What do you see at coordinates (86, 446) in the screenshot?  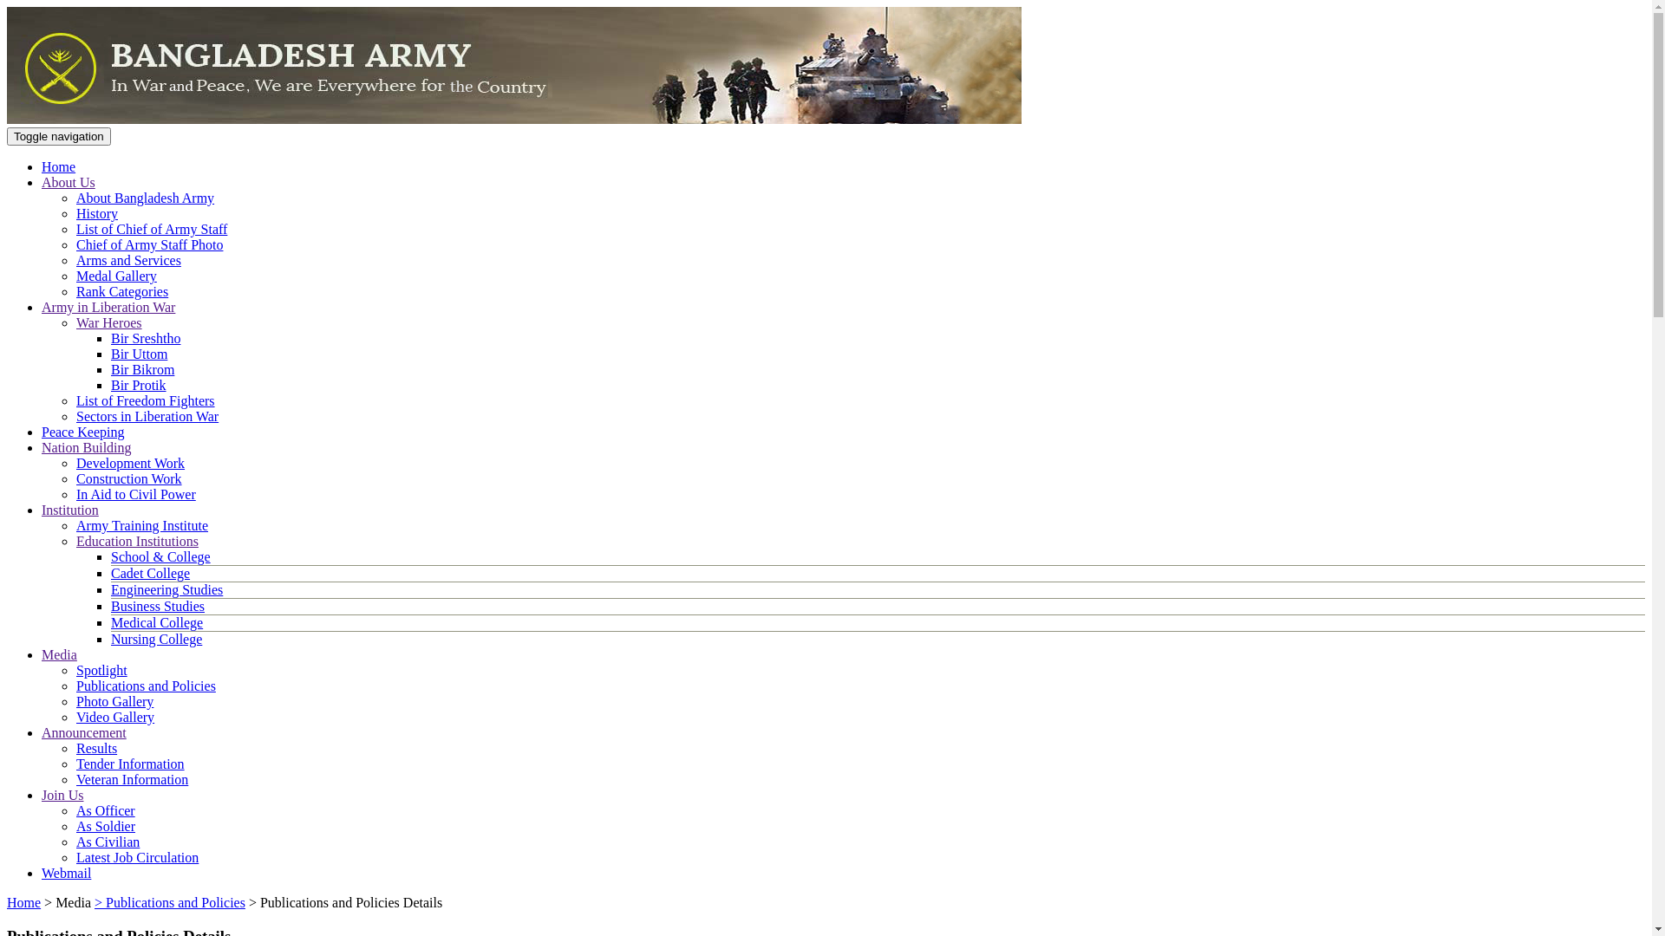 I see `'Nation Building'` at bounding box center [86, 446].